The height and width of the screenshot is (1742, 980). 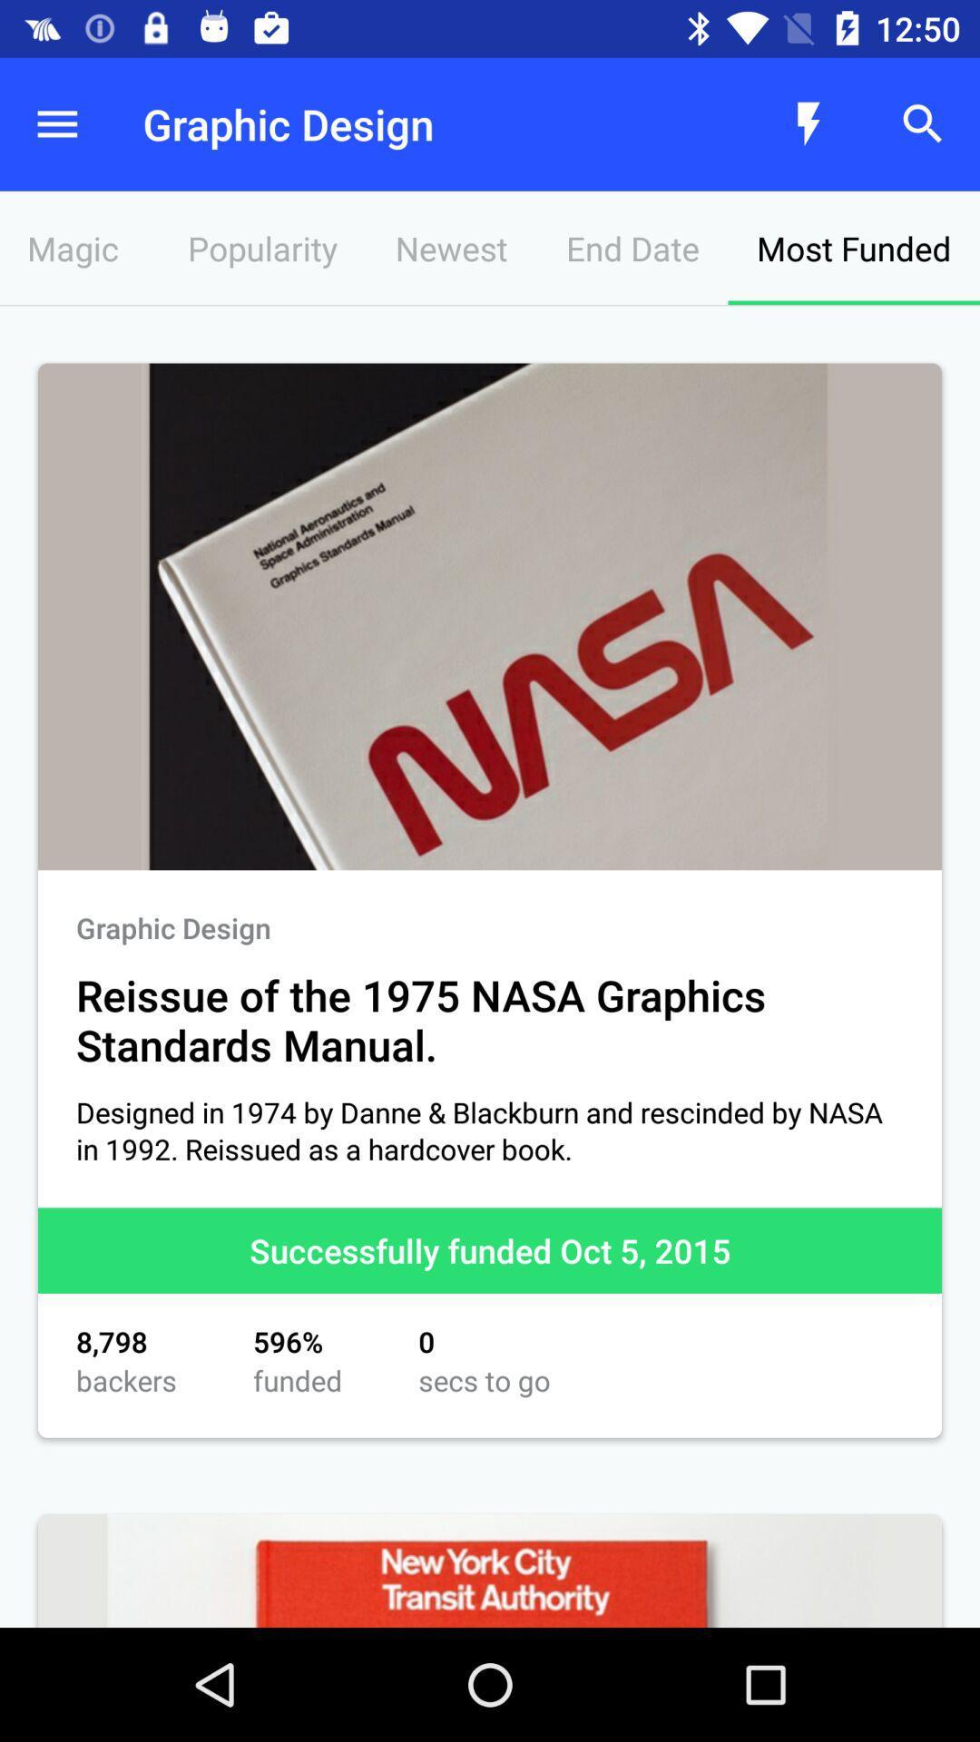 I want to click on search, so click(x=923, y=123).